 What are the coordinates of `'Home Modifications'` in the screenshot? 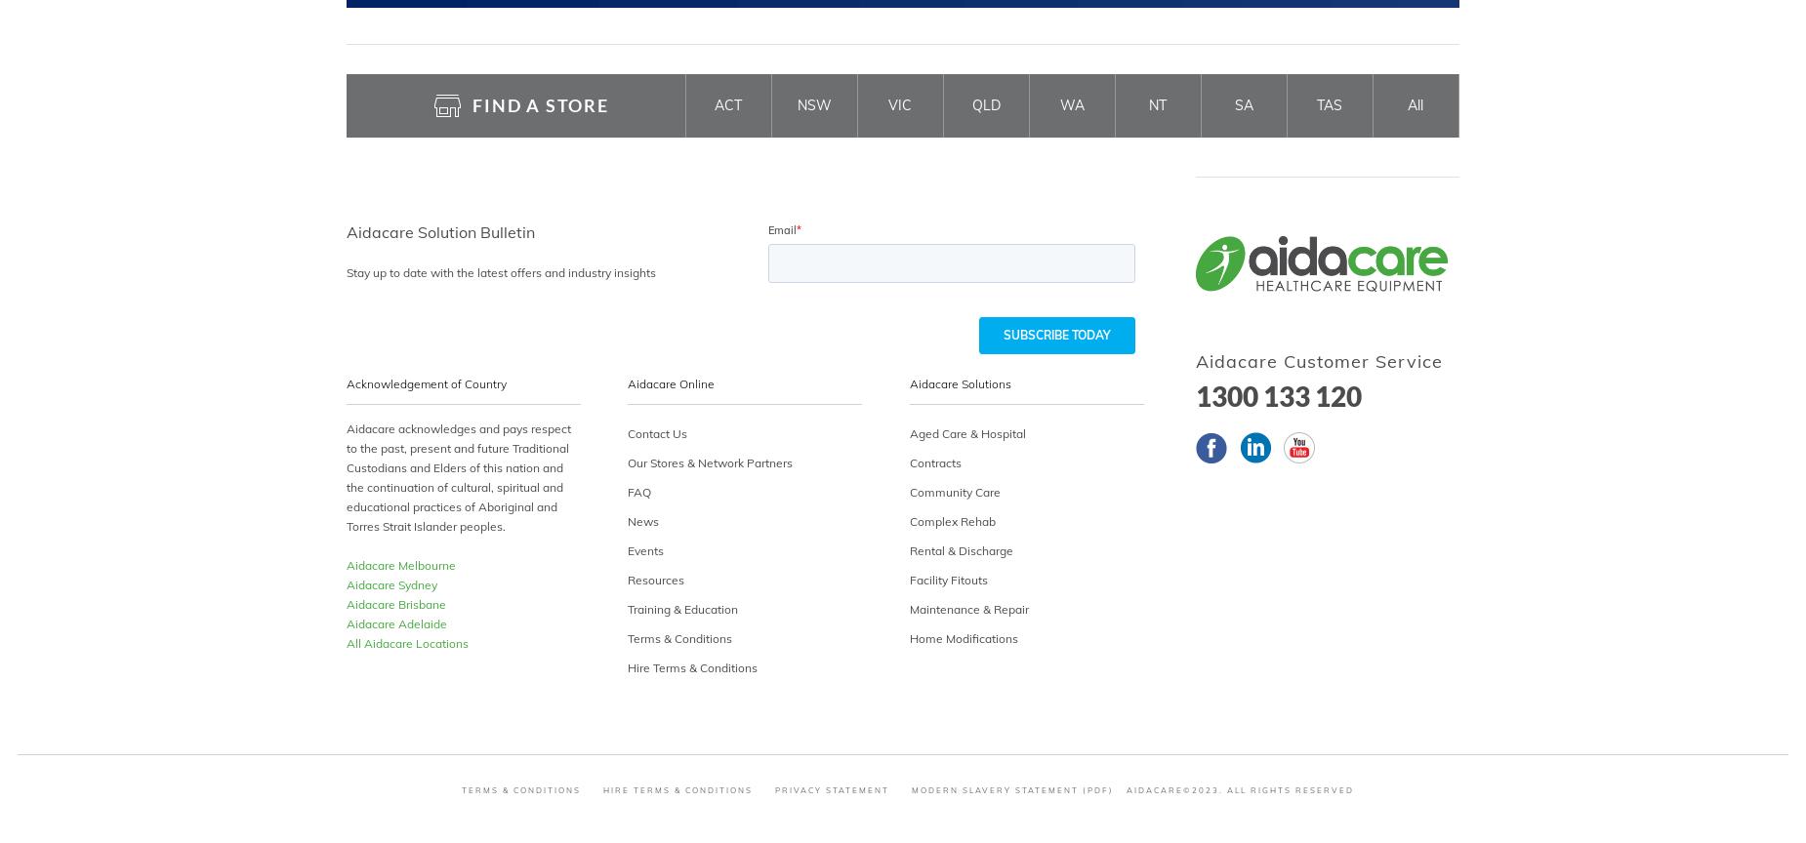 It's located at (962, 637).